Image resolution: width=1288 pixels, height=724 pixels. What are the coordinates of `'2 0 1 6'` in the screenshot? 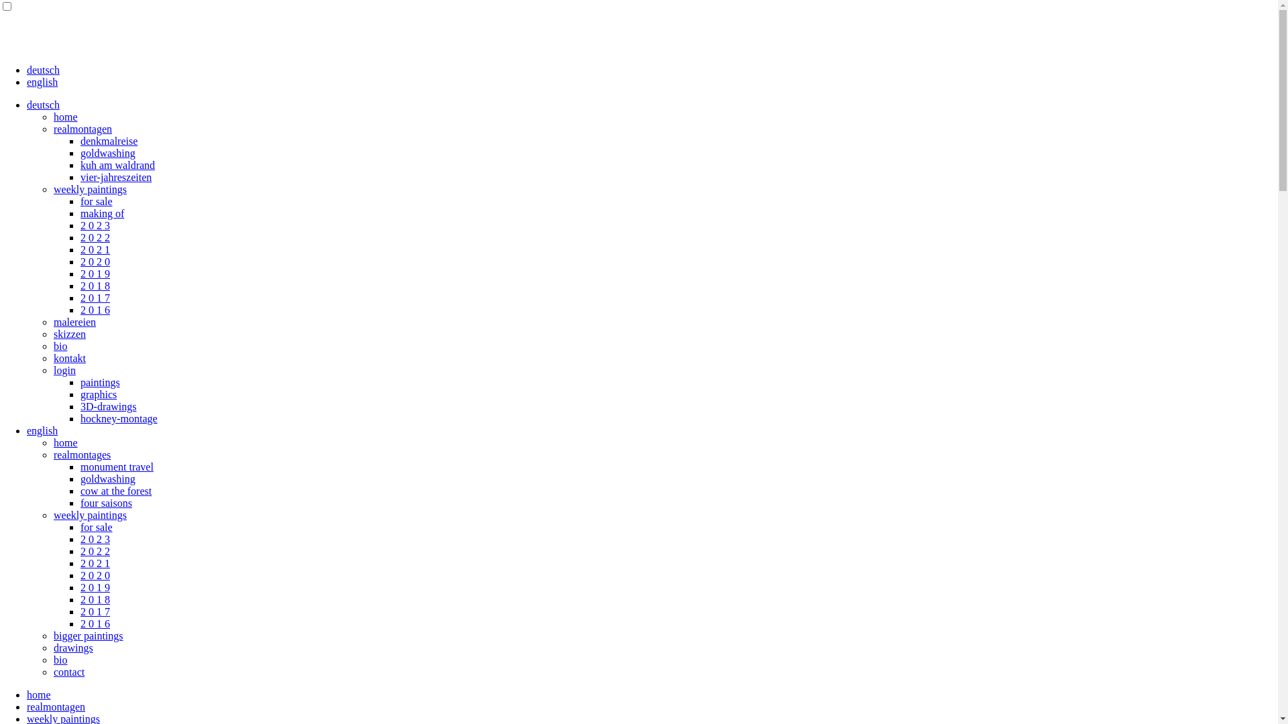 It's located at (80, 310).